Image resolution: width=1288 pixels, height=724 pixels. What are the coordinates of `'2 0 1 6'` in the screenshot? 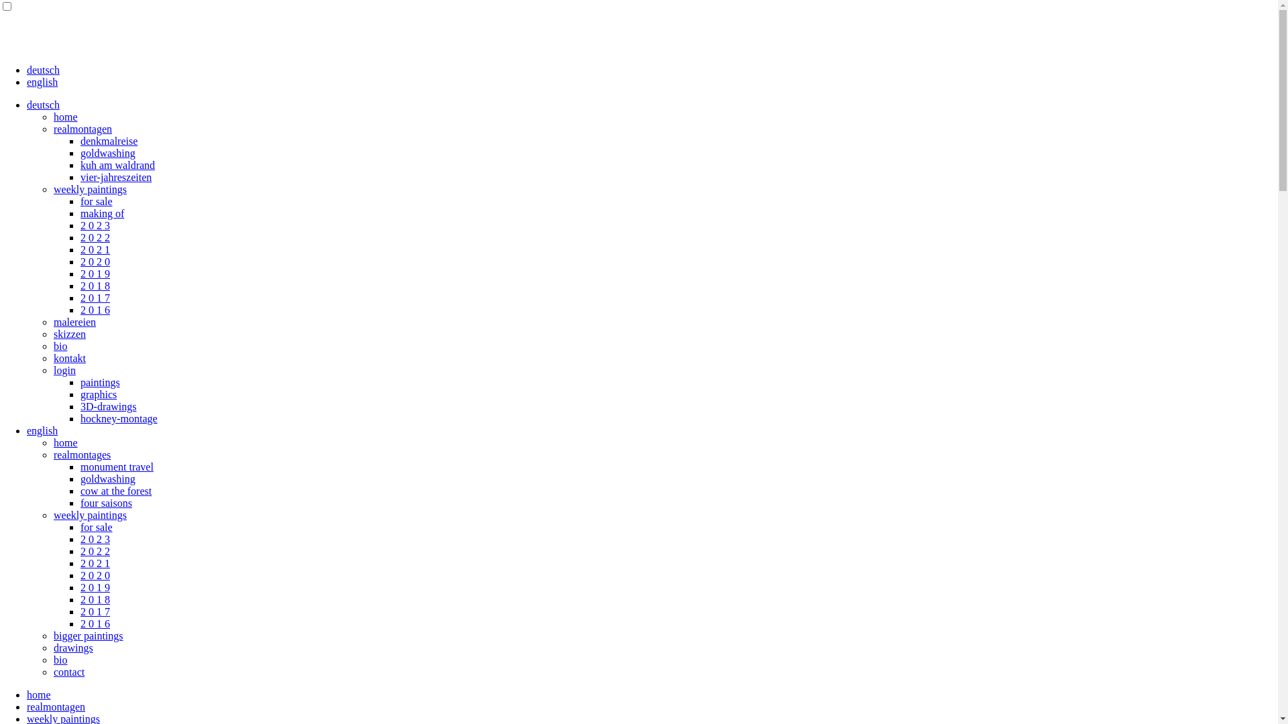 It's located at (80, 310).